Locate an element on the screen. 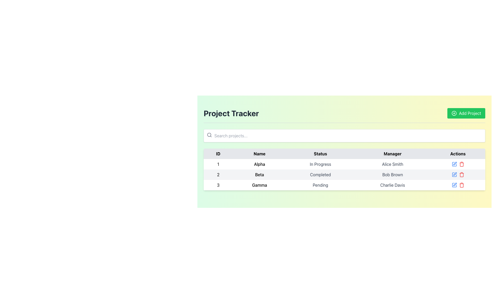  the trash can icon in the 'Actions' column, which is the last element in the row for 'Charlie Davis', symbolizing deletion is located at coordinates (461, 185).